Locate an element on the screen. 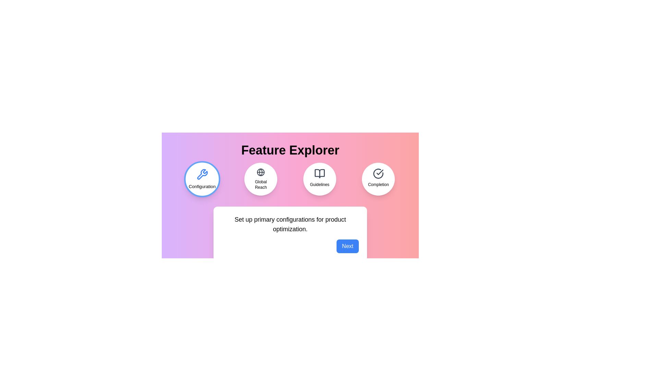 This screenshot has width=658, height=370. the 'Next' button to navigate to the next step is located at coordinates (348, 246).